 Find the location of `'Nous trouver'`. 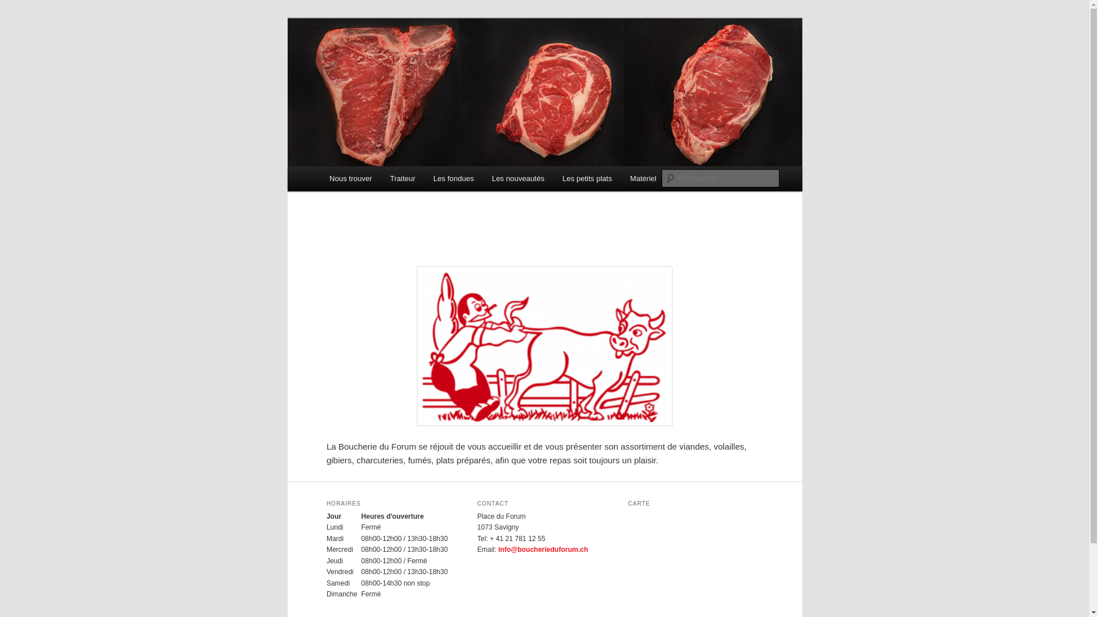

'Nous trouver' is located at coordinates (350, 178).